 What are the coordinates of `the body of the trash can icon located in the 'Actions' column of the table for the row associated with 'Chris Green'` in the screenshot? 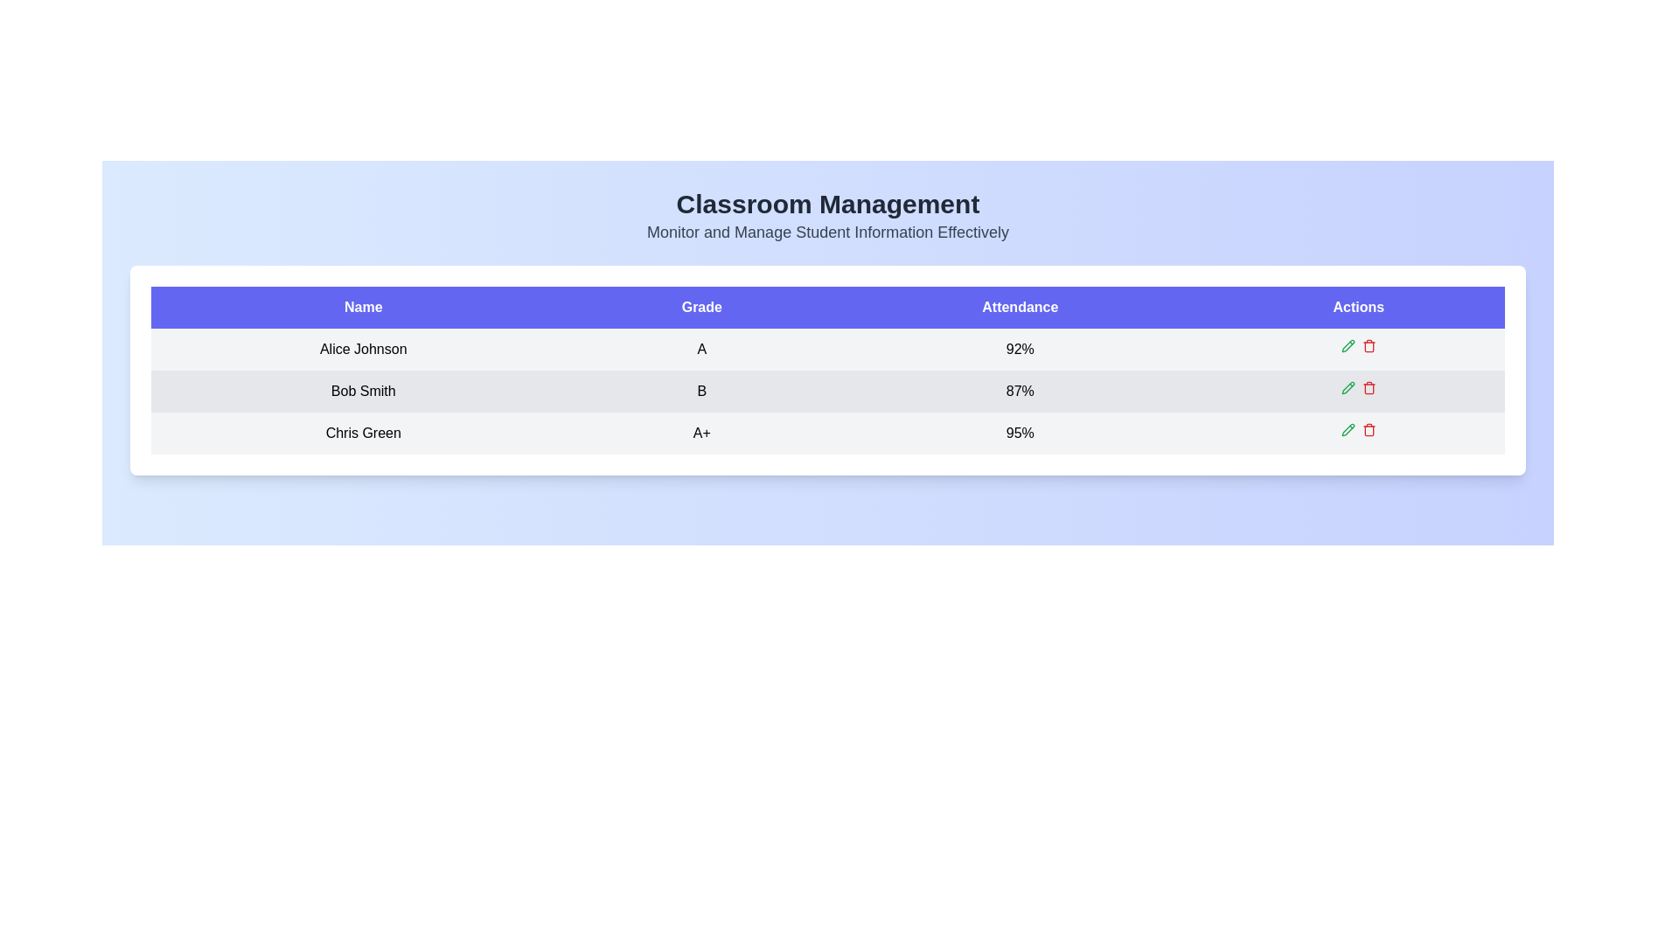 It's located at (1368, 431).